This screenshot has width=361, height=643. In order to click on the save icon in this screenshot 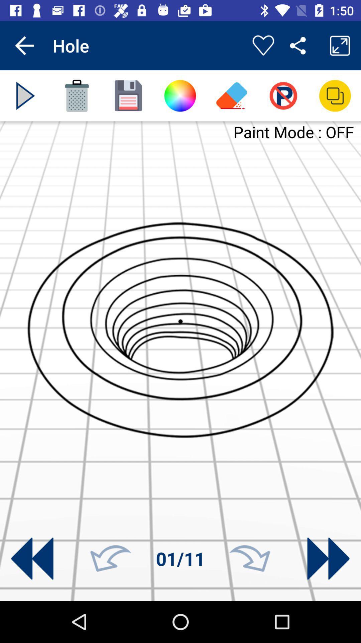, I will do `click(128, 95)`.